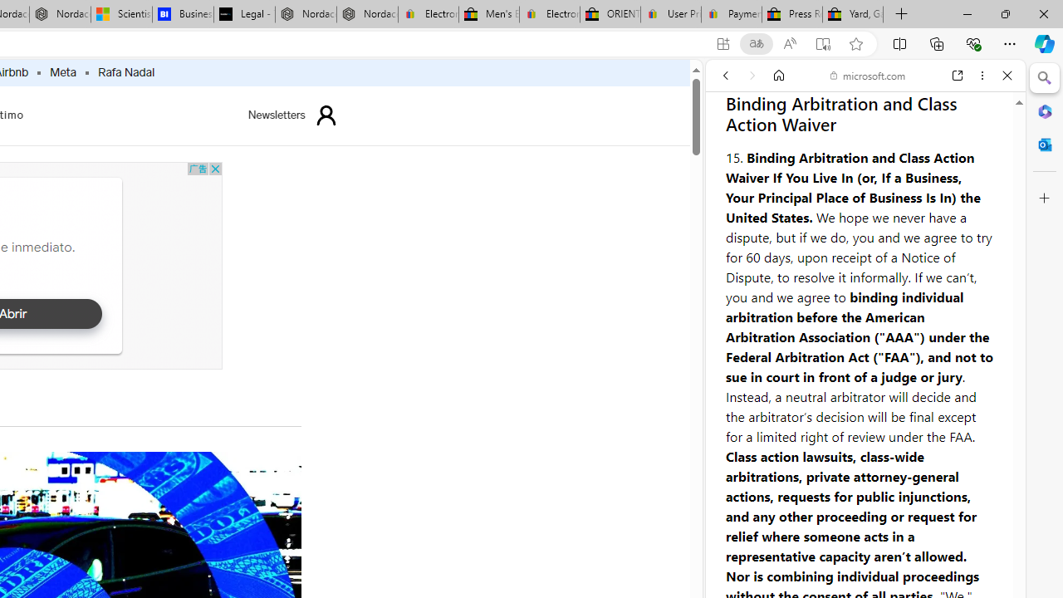 The width and height of the screenshot is (1063, 598). I want to click on 'Newsletters', so click(277, 115).